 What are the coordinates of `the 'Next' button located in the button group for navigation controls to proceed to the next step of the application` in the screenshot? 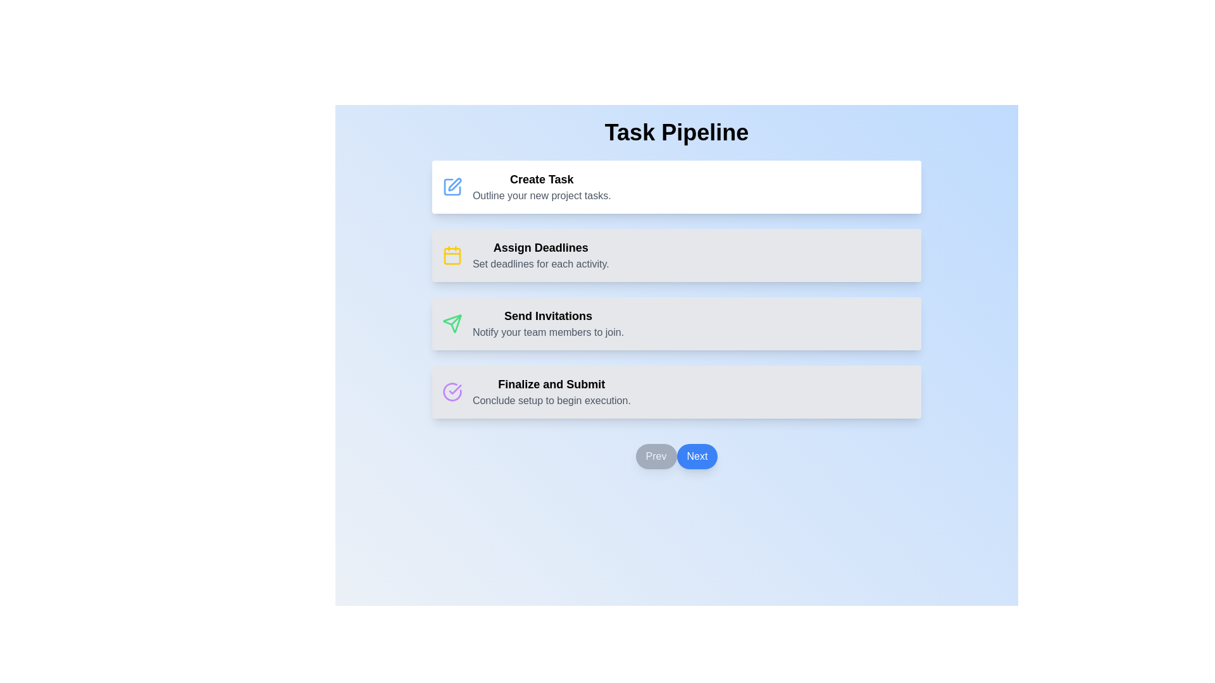 It's located at (676, 456).